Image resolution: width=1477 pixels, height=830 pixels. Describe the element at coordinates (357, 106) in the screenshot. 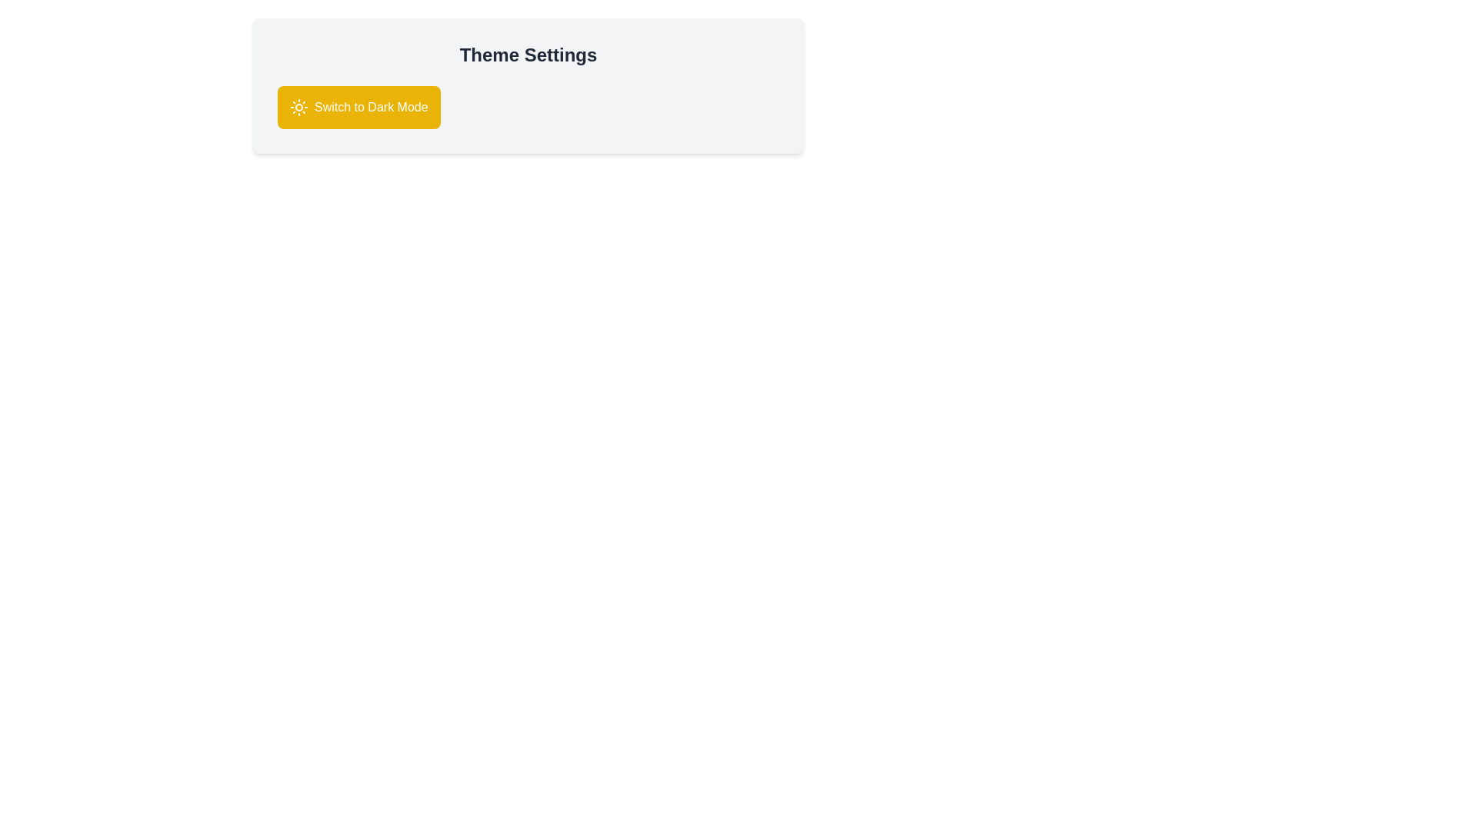

I see `the 'Switch to Dark Mode' button to toggle the theme` at that location.